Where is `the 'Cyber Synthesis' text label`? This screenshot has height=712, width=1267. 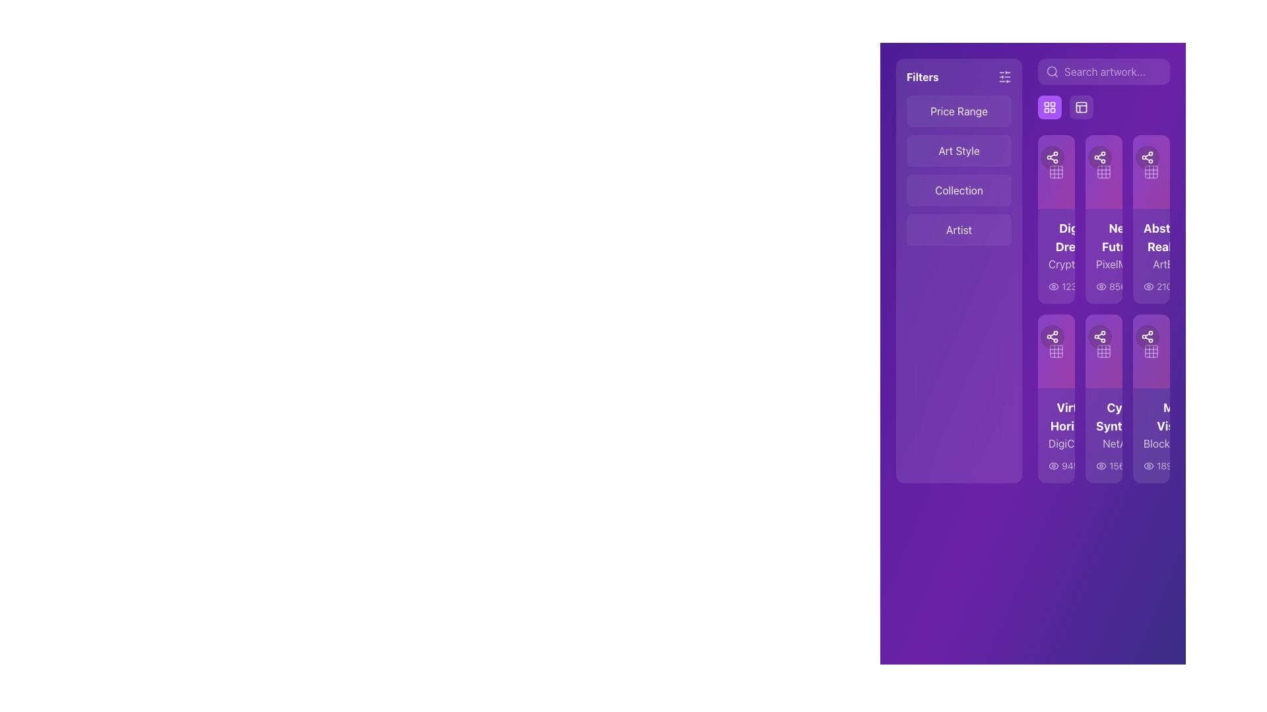 the 'Cyber Synthesis' text label is located at coordinates (1104, 425).